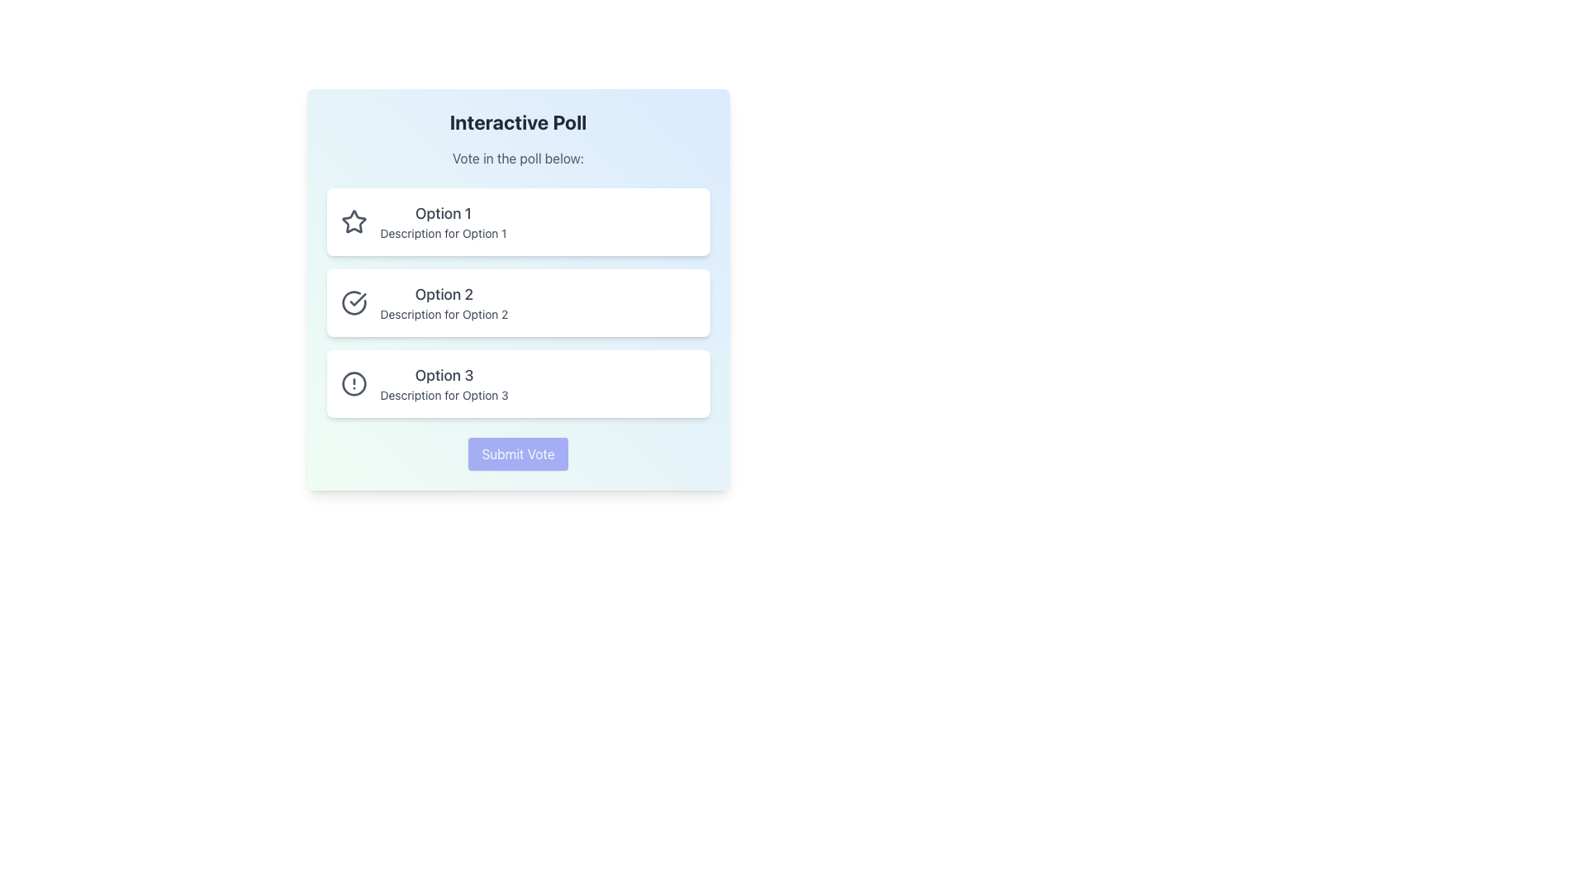  I want to click on the five-pointed star icon with a hollow center and dark gray outlines located to the left of the 'Option 1' text in the first row of the interactive poll, so click(352, 220).